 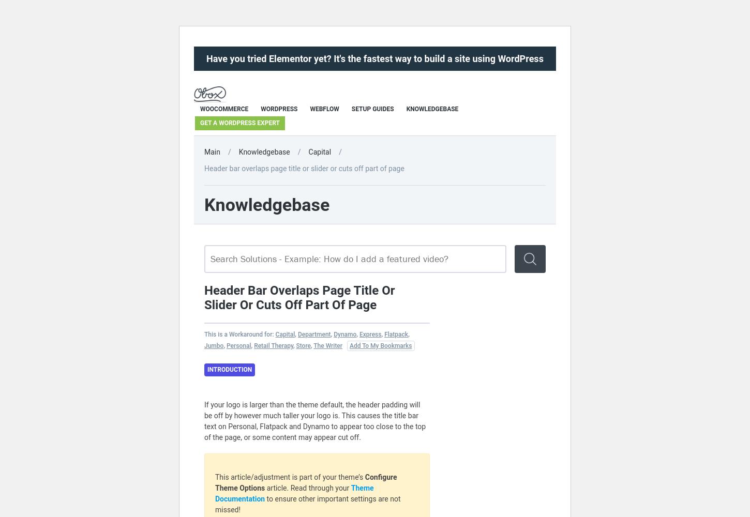 I want to click on 'Retail Therapy', so click(x=273, y=346).